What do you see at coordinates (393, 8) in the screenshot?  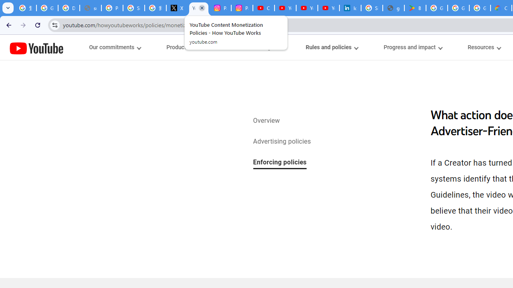 I see `'google_privacy_policy_en.pdf'` at bounding box center [393, 8].